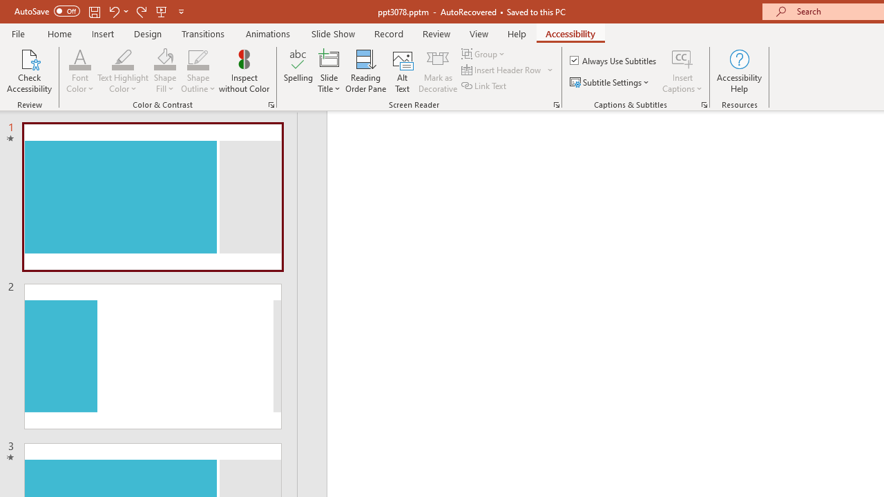 Image resolution: width=884 pixels, height=497 pixels. What do you see at coordinates (610, 82) in the screenshot?
I see `'Subtitle Settings'` at bounding box center [610, 82].